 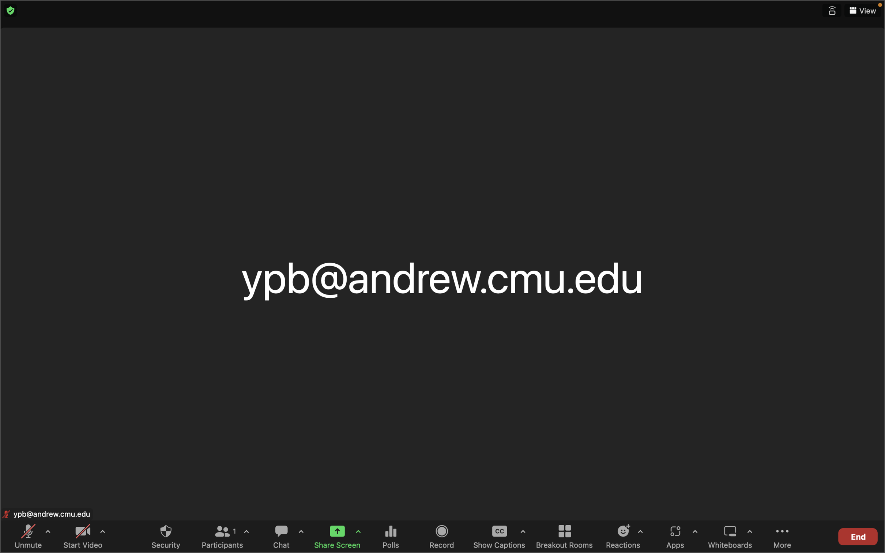 What do you see at coordinates (857, 535) in the screenshot?
I see `the "end meeting" button` at bounding box center [857, 535].